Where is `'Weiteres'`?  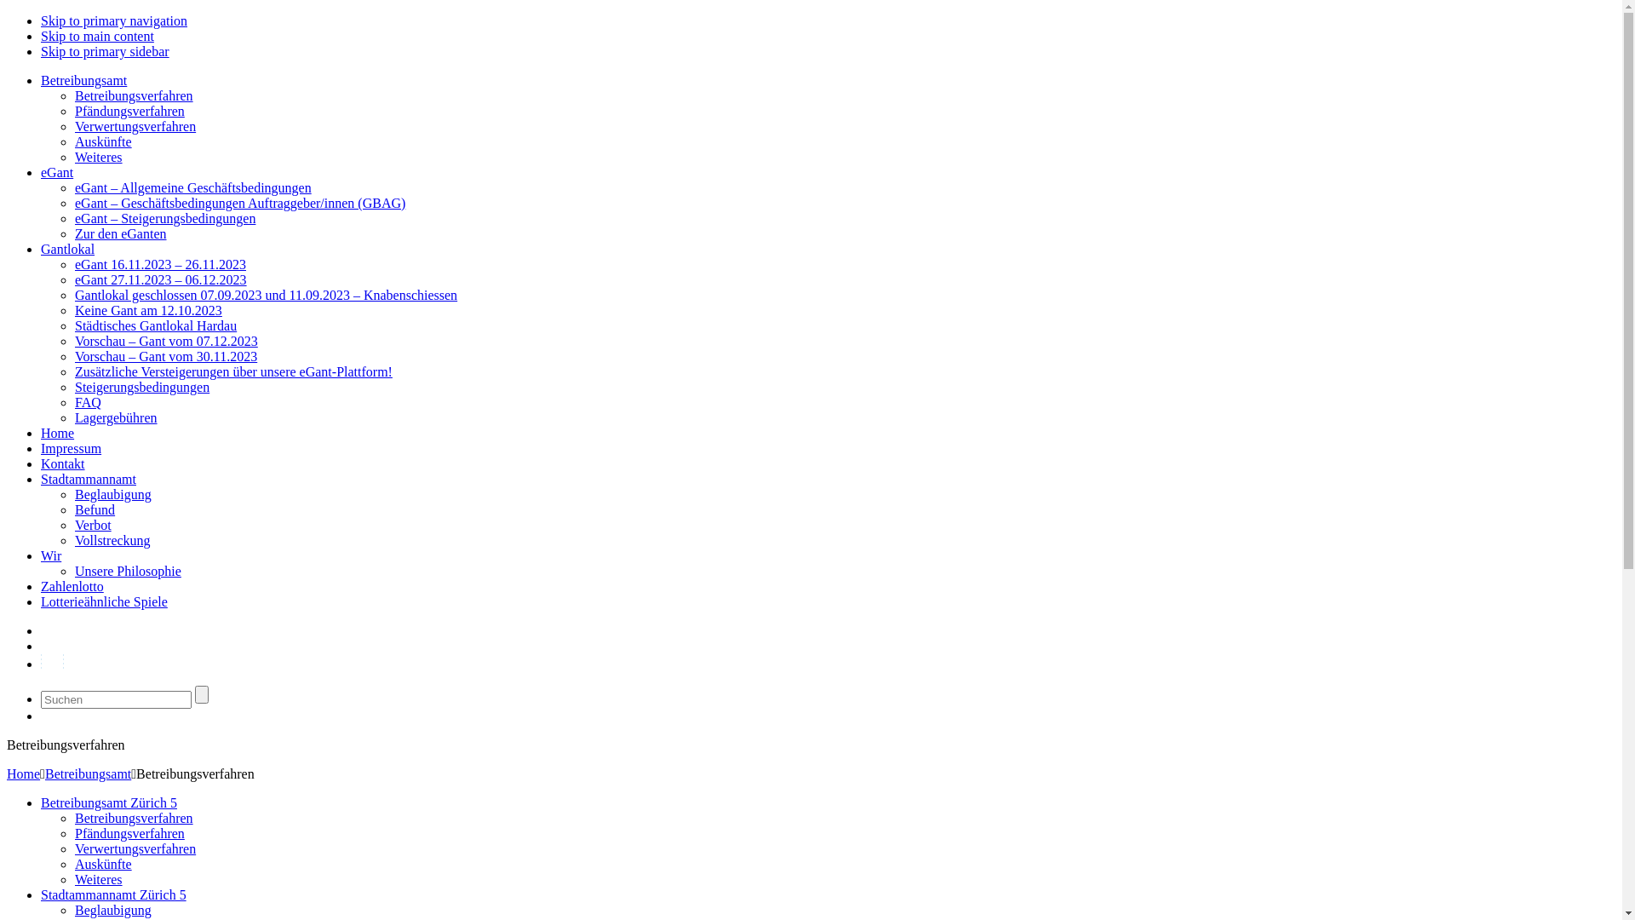 'Weiteres' is located at coordinates (97, 879).